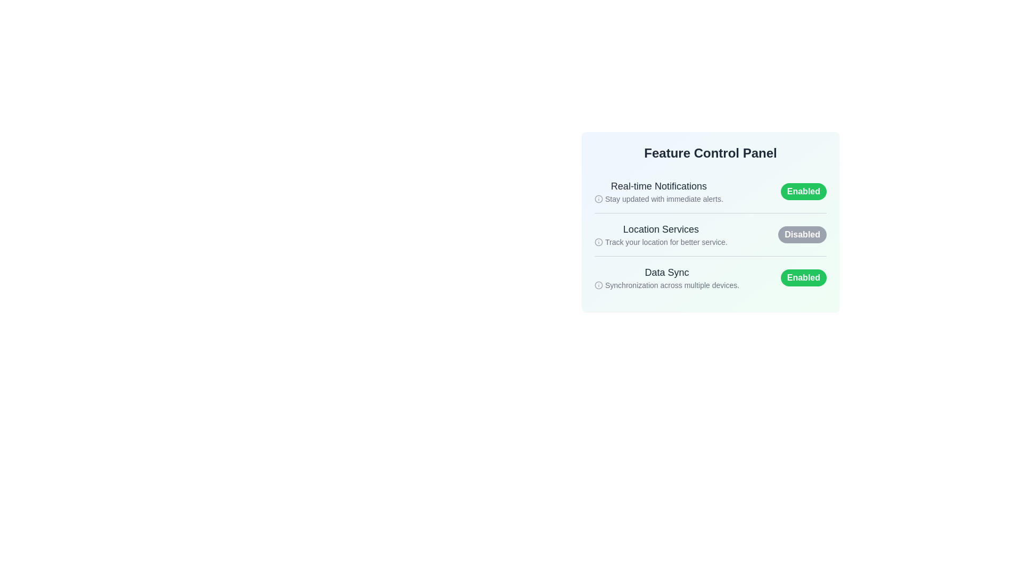 This screenshot has width=1022, height=575. I want to click on the informational icon for the Data Sync feature, so click(598, 285).